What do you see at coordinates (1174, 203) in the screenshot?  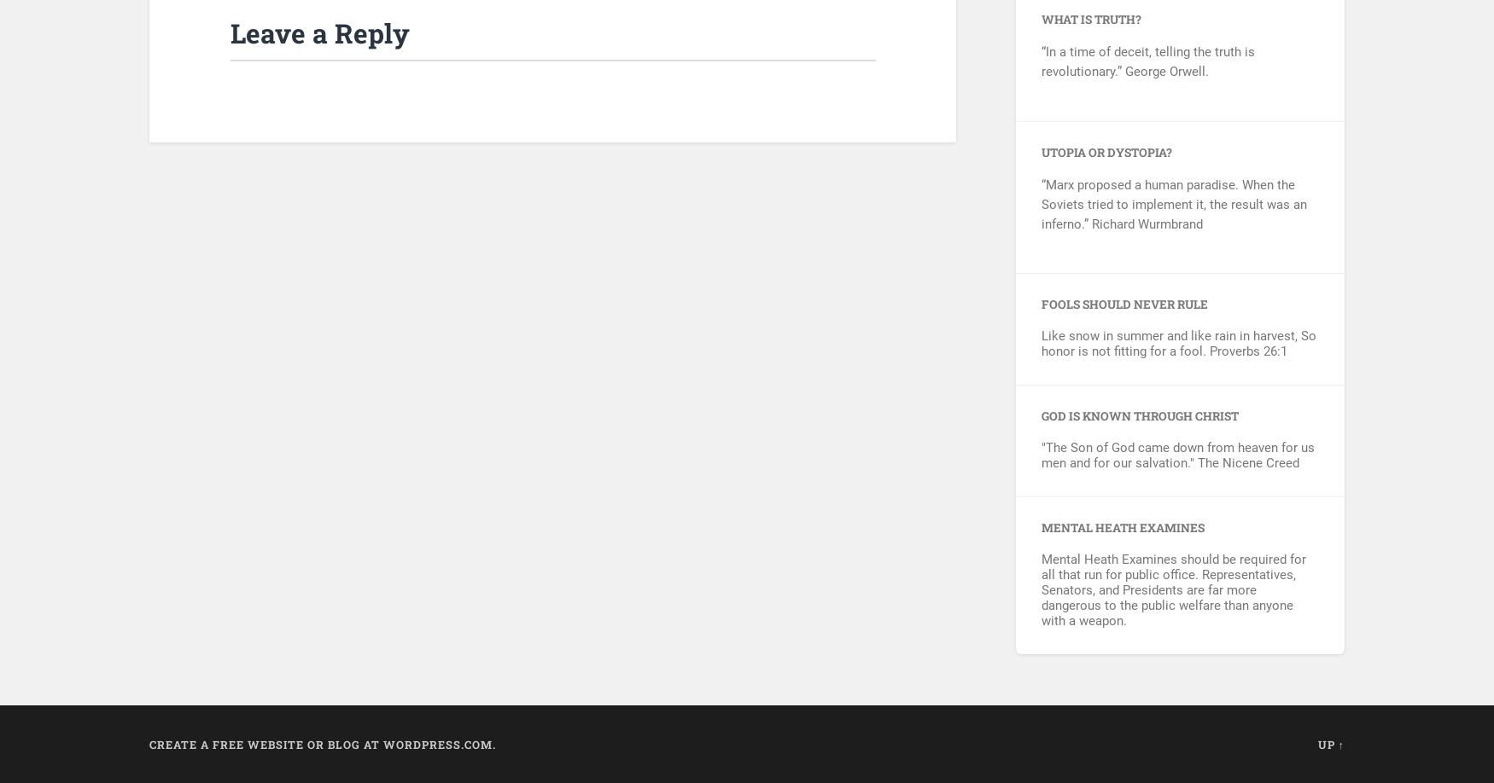 I see `'“Marx proposed a human paradise. When the Soviets tried to implement it, the result was an inferno.” Richard Wurmbrand'` at bounding box center [1174, 203].